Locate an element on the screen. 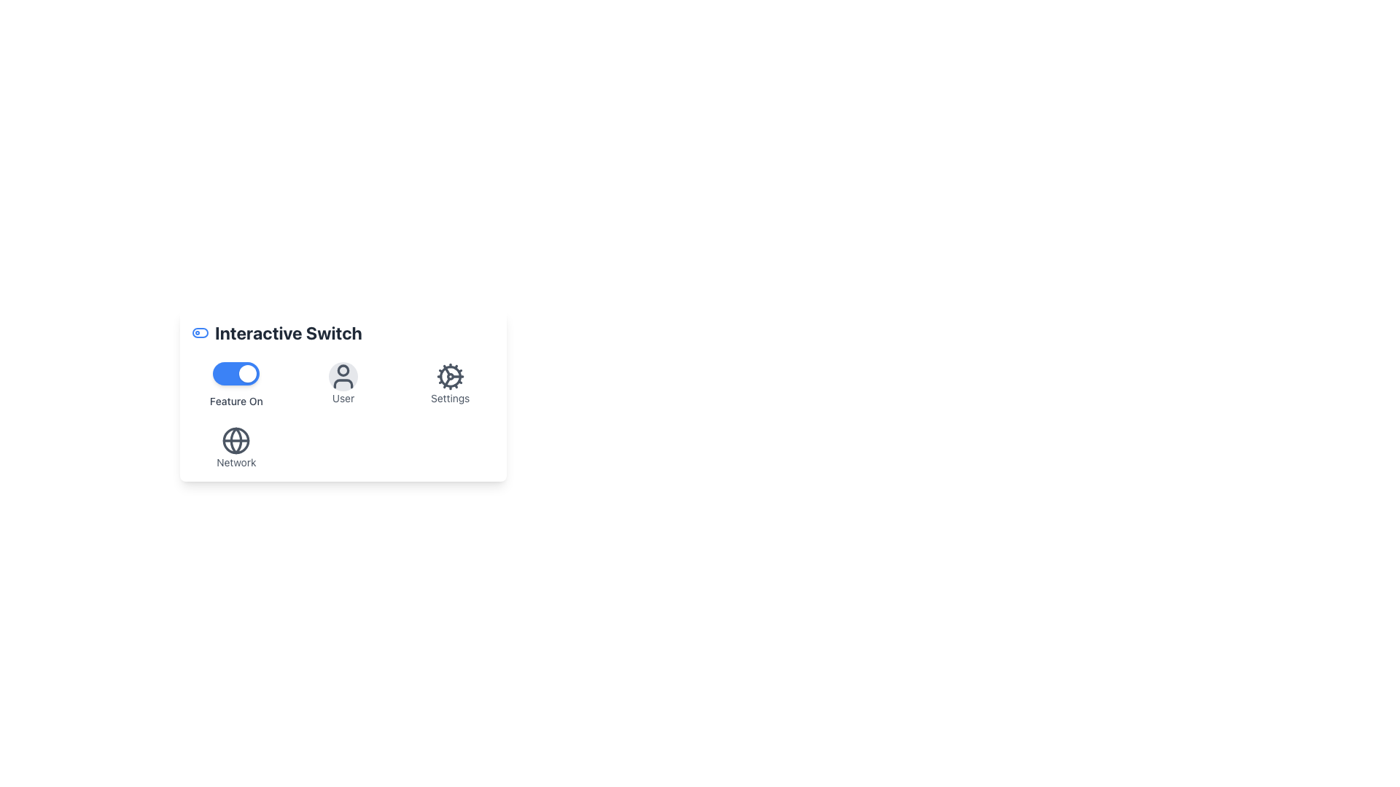 The width and height of the screenshot is (1400, 787). the 'Network' label icon located in the lower left of the grid layout for interaction is located at coordinates (236, 447).